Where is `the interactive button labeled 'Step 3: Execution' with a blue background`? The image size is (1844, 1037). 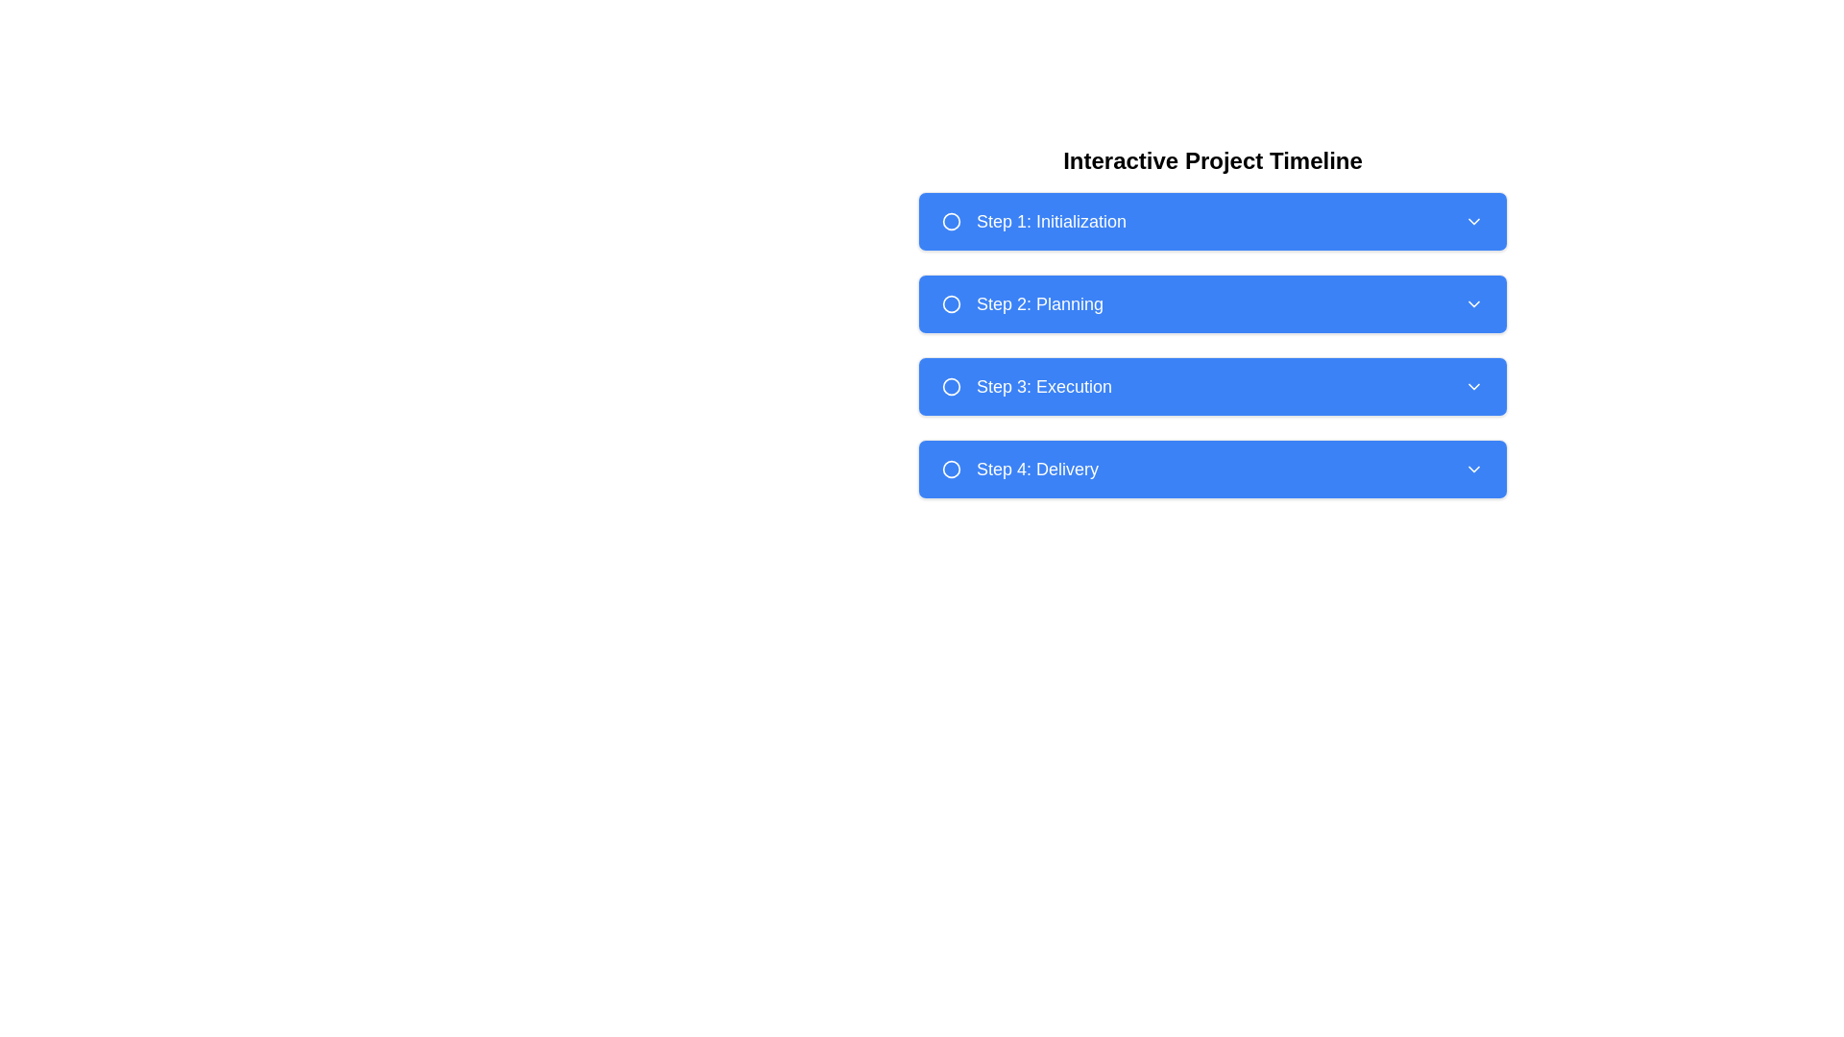 the interactive button labeled 'Step 3: Execution' with a blue background is located at coordinates (1211, 386).